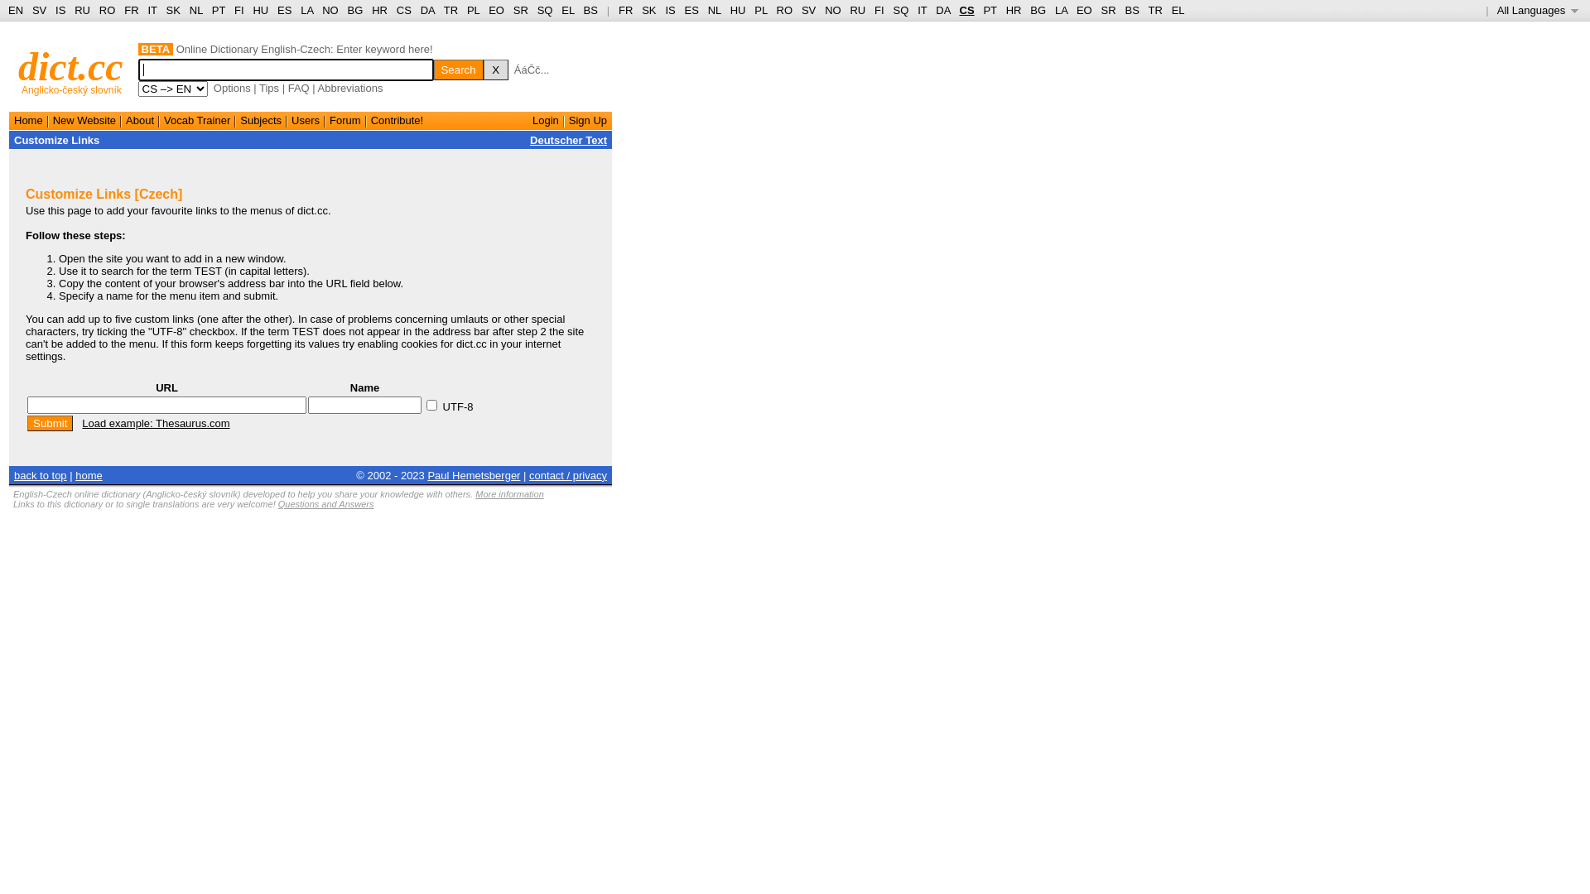 This screenshot has width=1590, height=894. What do you see at coordinates (648, 10) in the screenshot?
I see `'SK'` at bounding box center [648, 10].